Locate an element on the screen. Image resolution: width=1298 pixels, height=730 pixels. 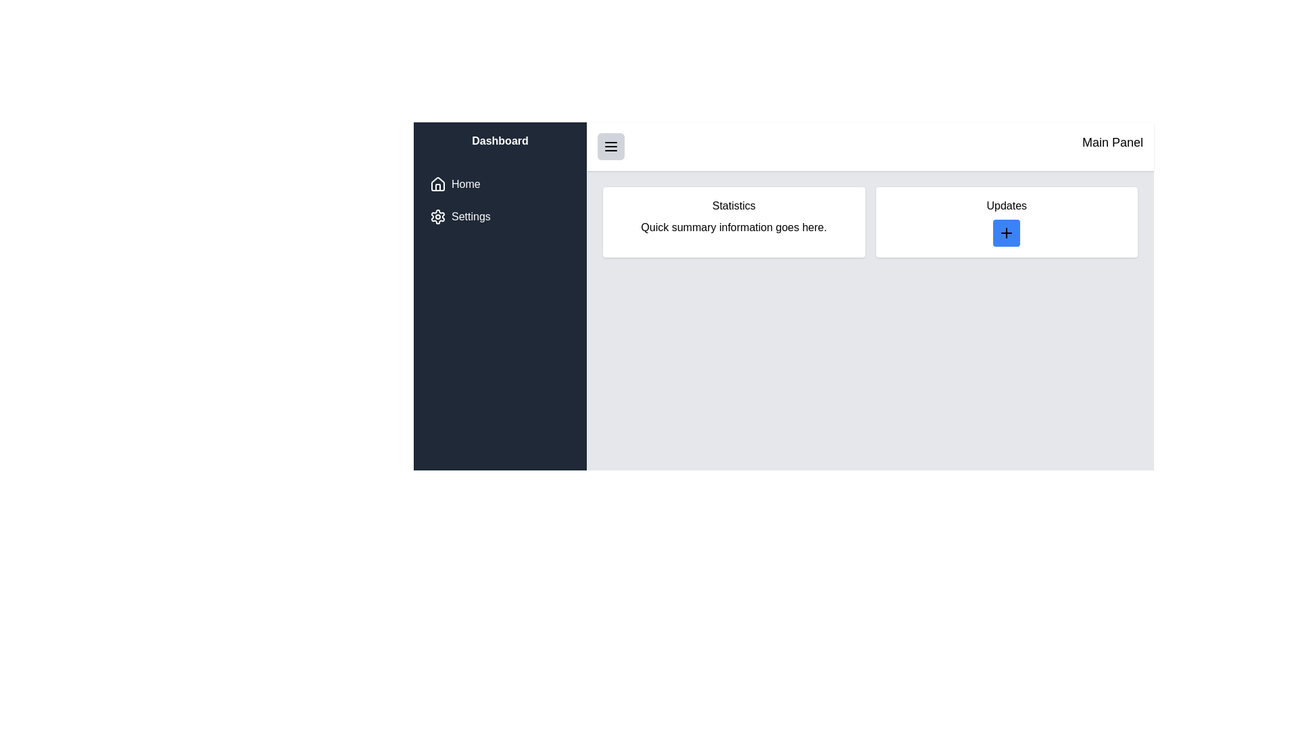
the cogwheel icon representing settings, located in the left-side navigation panel is located at coordinates (438, 216).